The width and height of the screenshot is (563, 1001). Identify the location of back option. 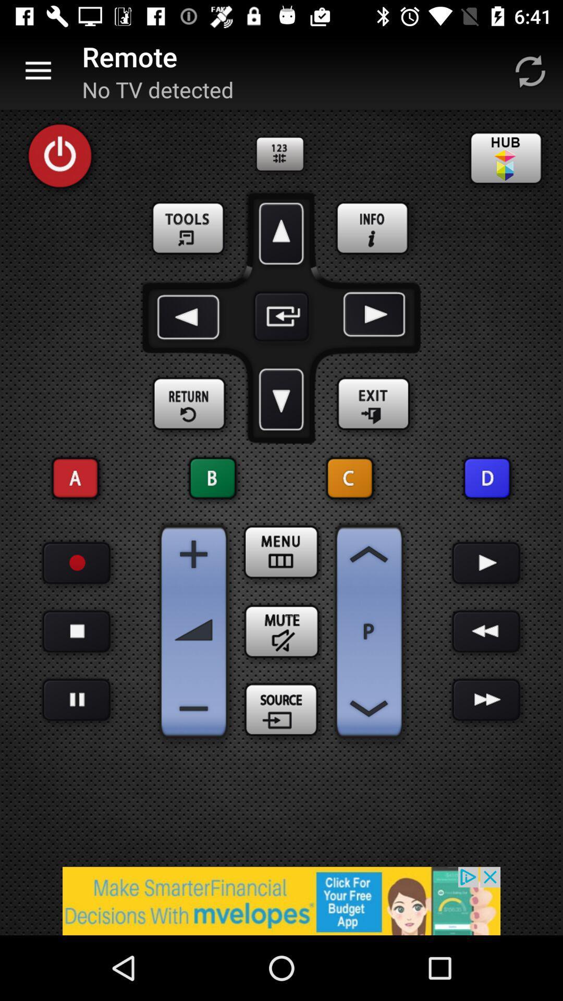
(369, 709).